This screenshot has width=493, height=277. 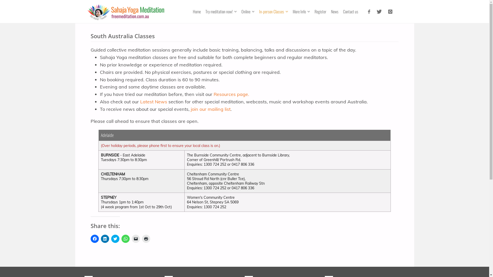 I want to click on 'Follow on Facebook', so click(x=368, y=12).